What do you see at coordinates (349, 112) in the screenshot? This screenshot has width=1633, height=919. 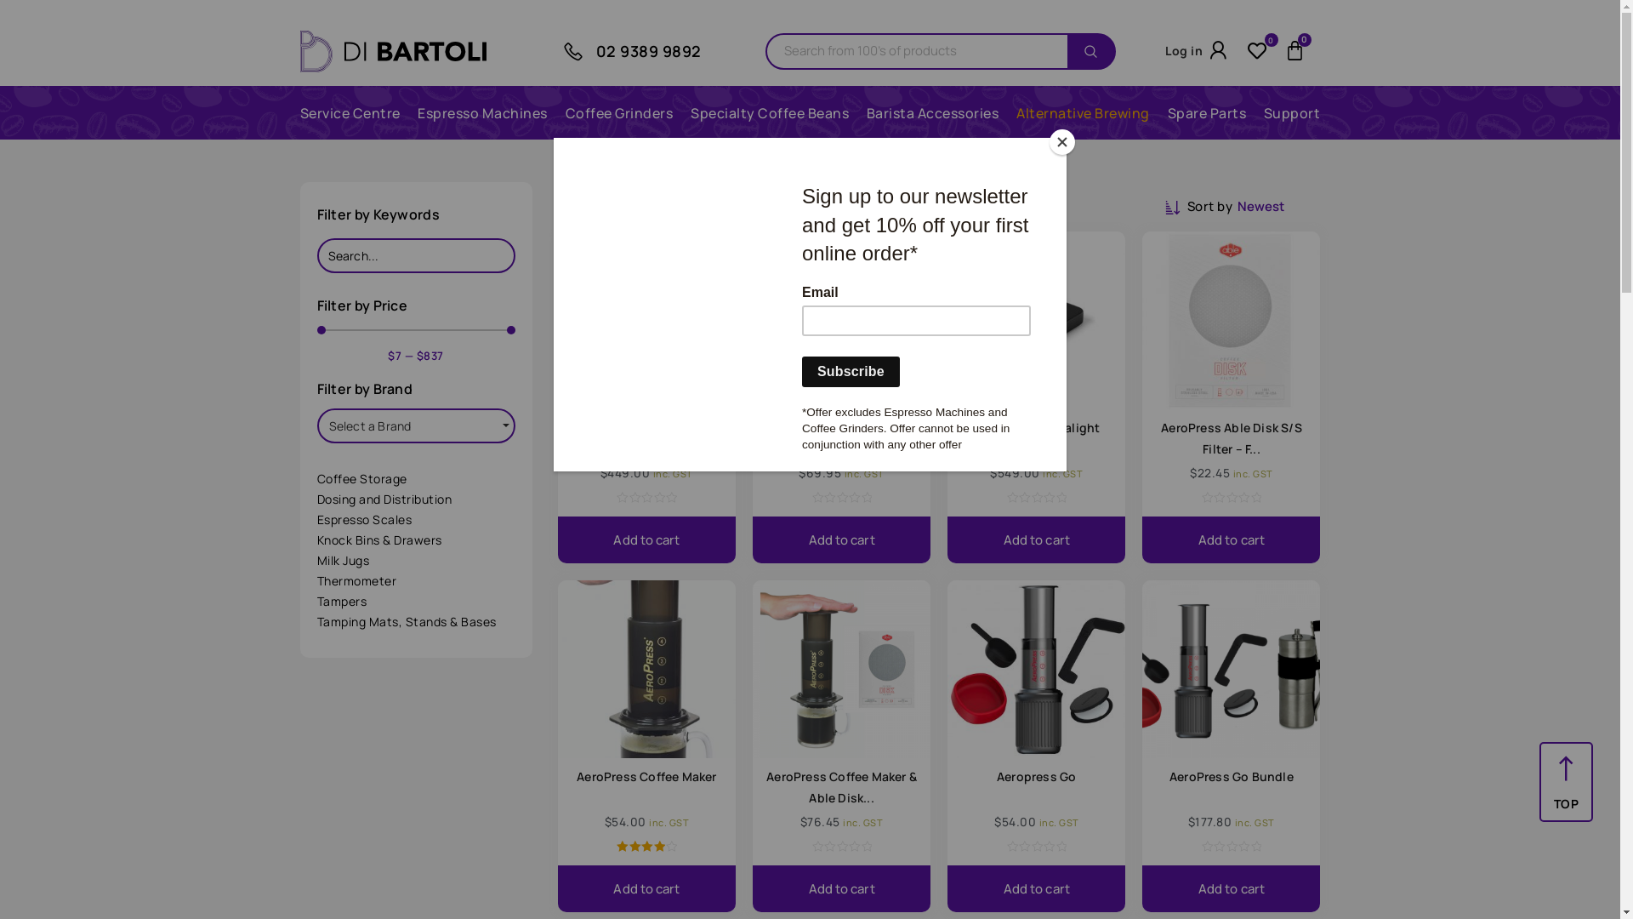 I see `'Service Centre'` at bounding box center [349, 112].